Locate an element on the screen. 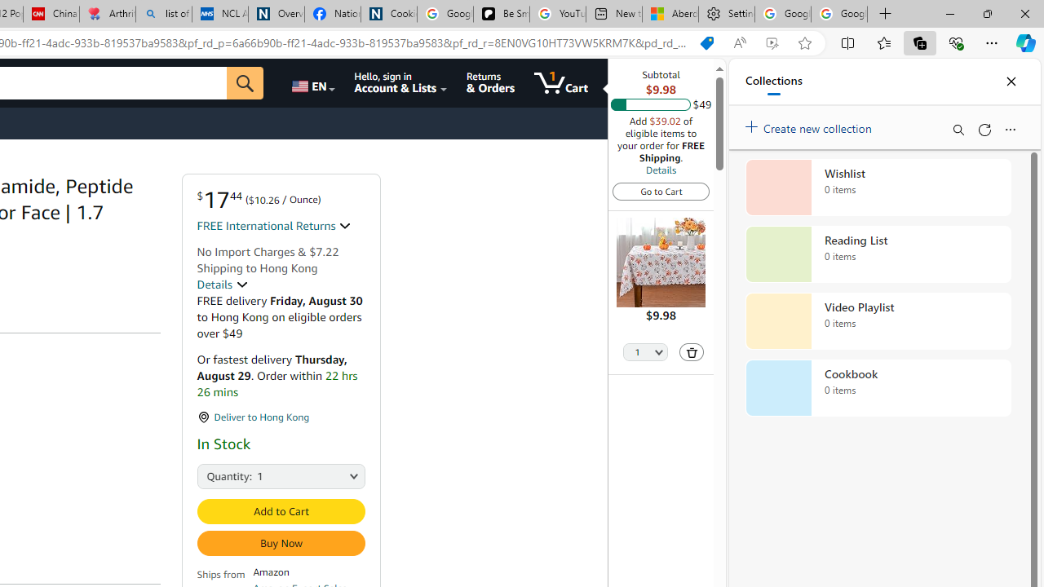 Image resolution: width=1044 pixels, height=587 pixels. 'Delete' is located at coordinates (692, 351).